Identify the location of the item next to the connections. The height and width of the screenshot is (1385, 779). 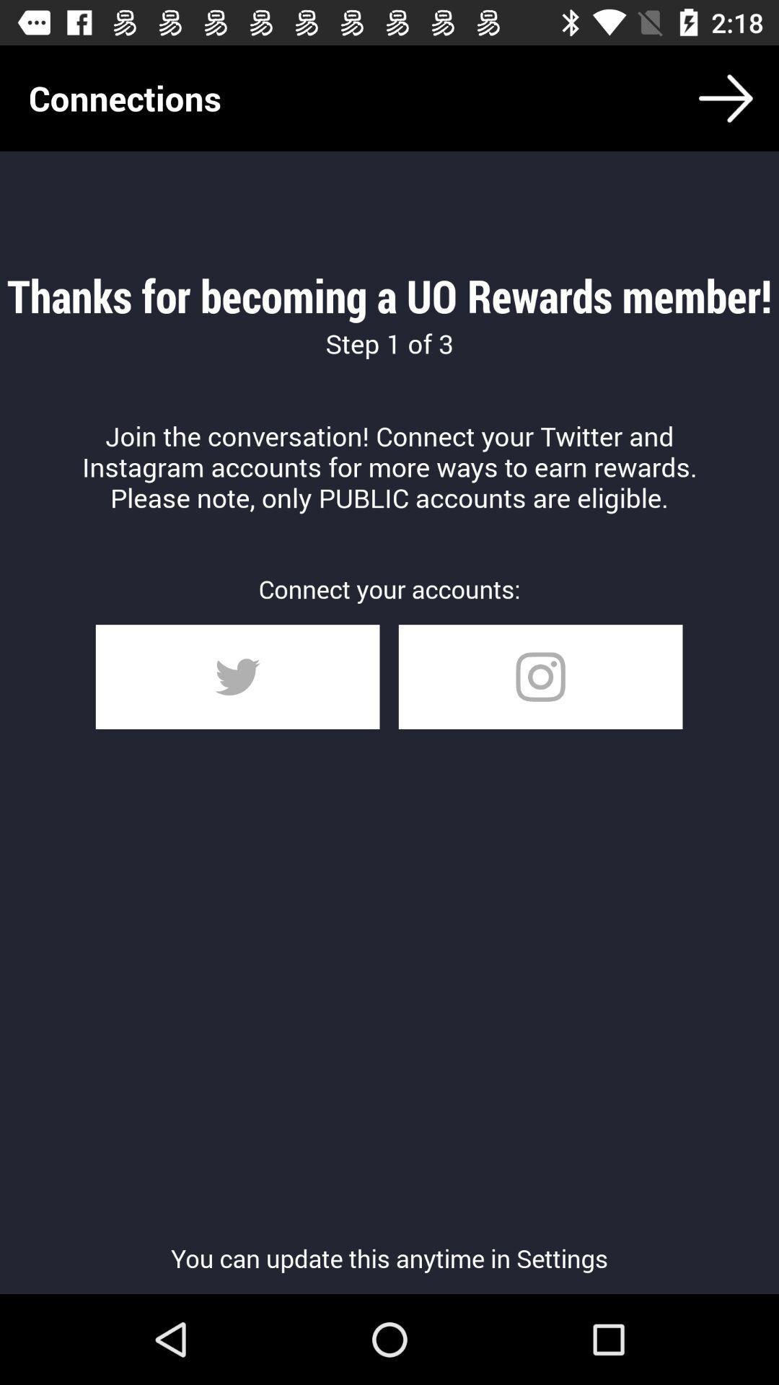
(726, 97).